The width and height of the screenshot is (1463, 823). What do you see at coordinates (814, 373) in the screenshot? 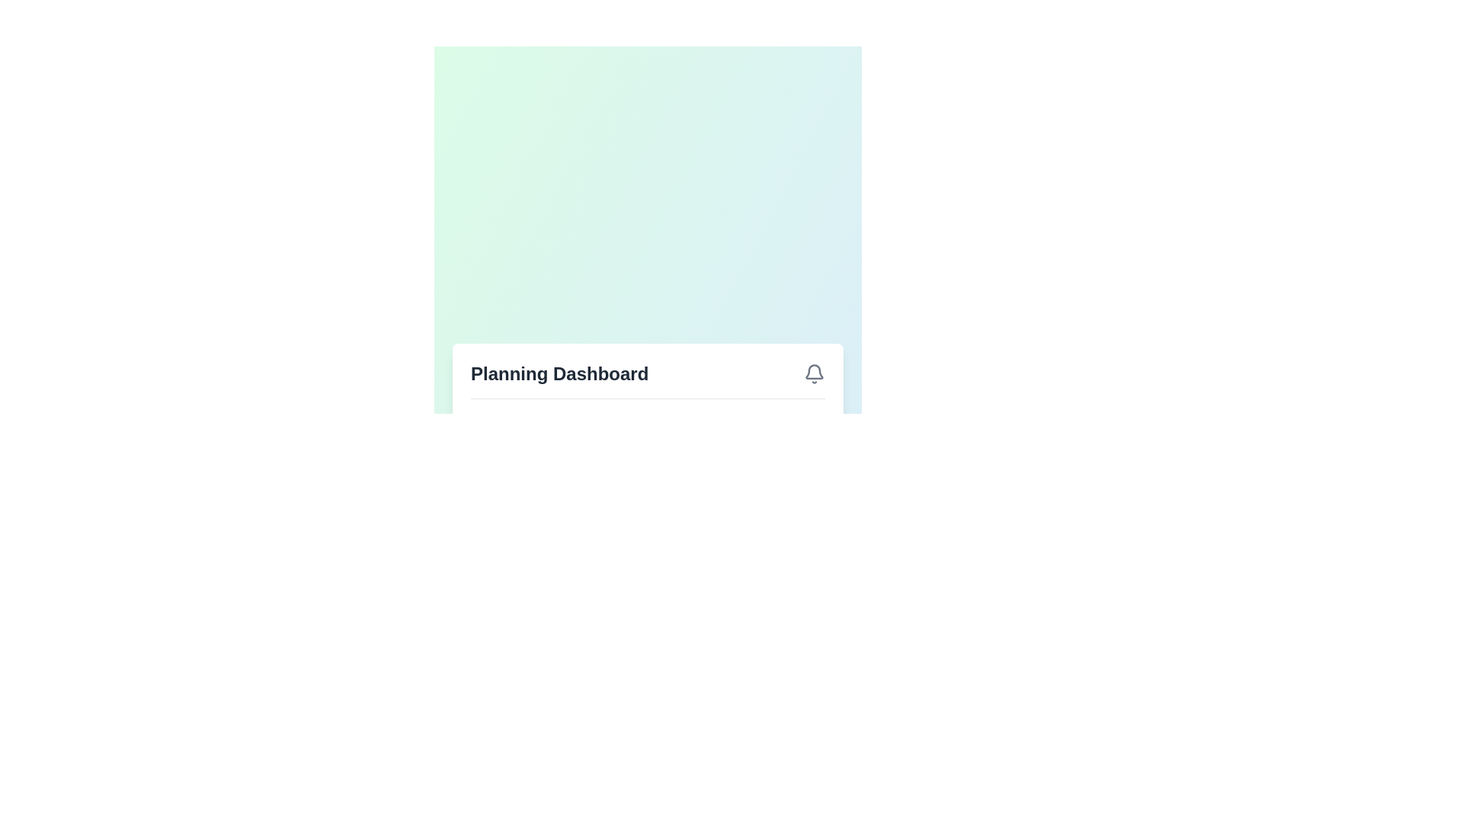
I see `the bell icon representing notifications, located in the header section titled 'Planning Dashboard'` at bounding box center [814, 373].